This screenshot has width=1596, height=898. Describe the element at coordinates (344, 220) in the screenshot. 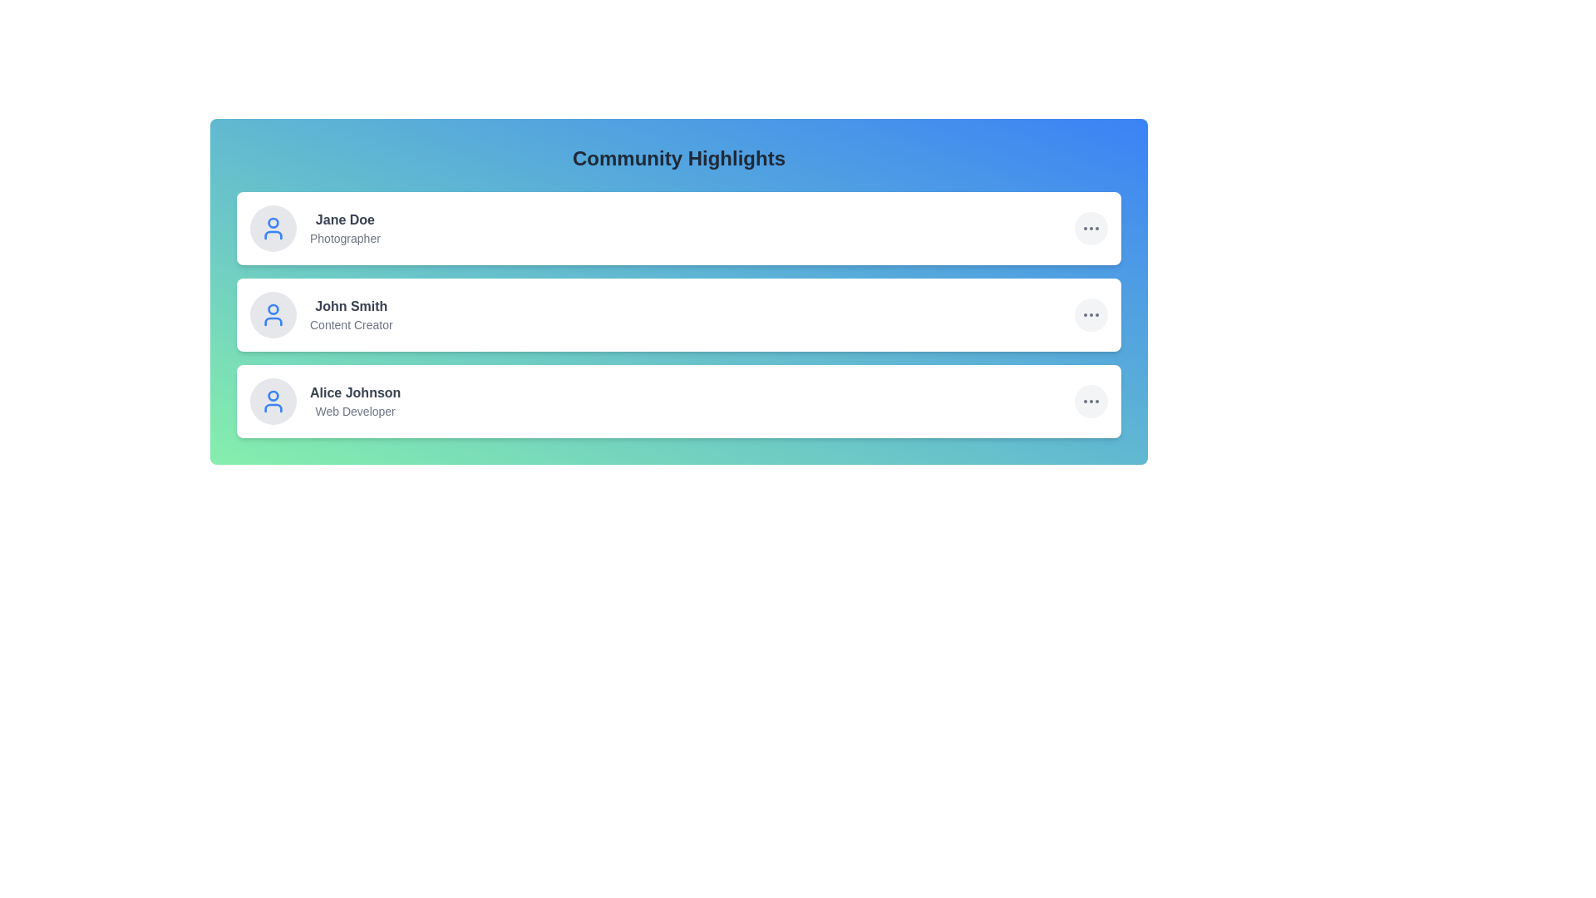

I see `text displayed in the Label that shows 'Jane Doe', which is bold and dark gray on a light background, positioned at the top-left corner of the first user profile item` at that location.